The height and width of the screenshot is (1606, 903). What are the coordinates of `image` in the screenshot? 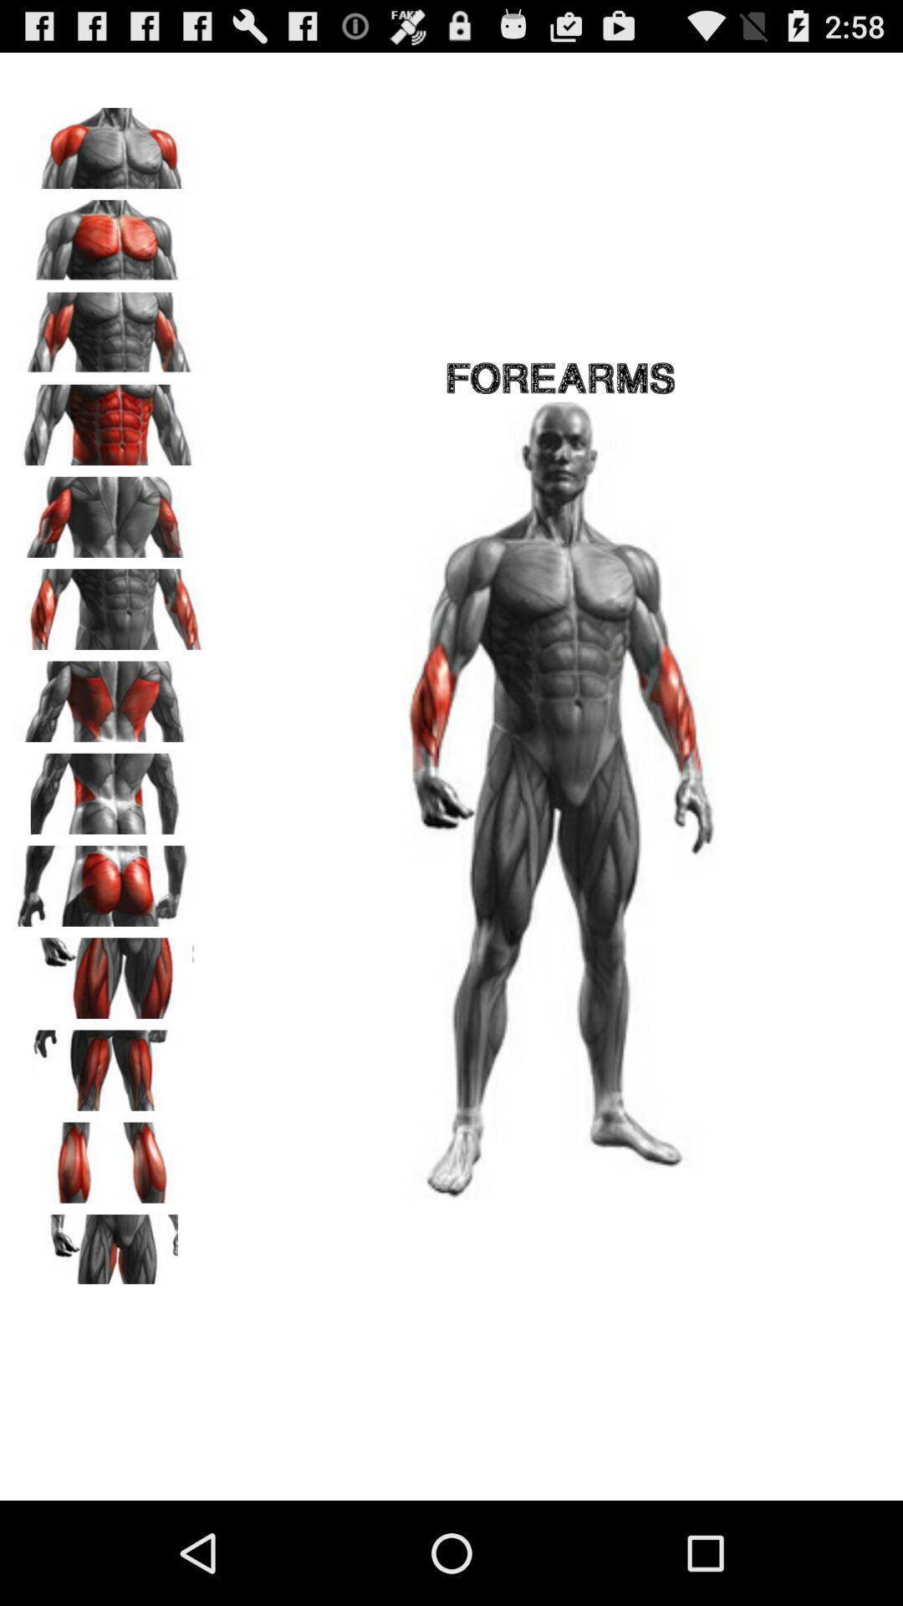 It's located at (110, 510).